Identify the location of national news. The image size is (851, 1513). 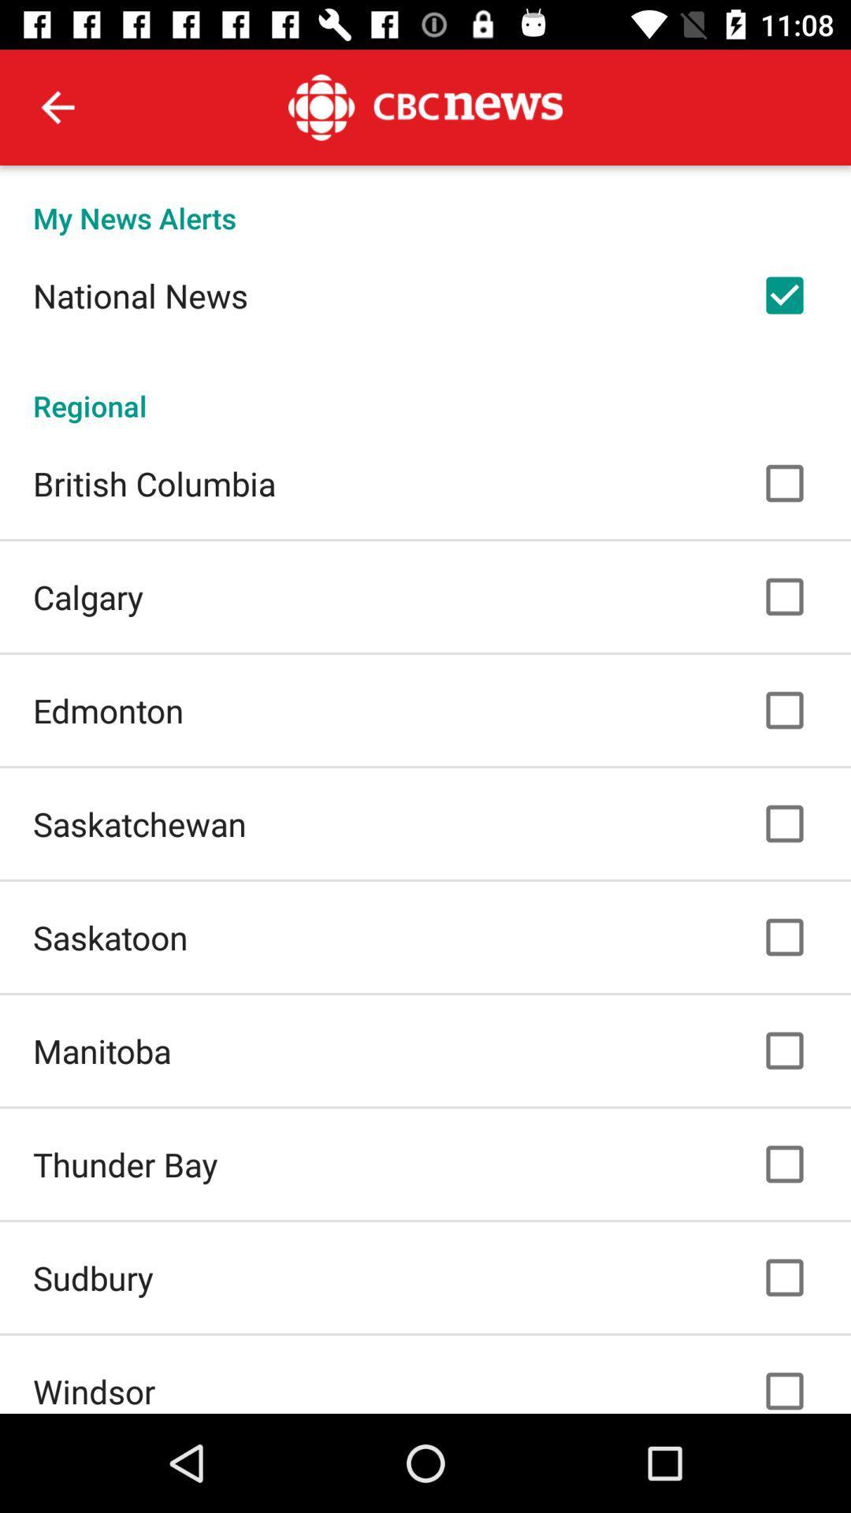
(139, 295).